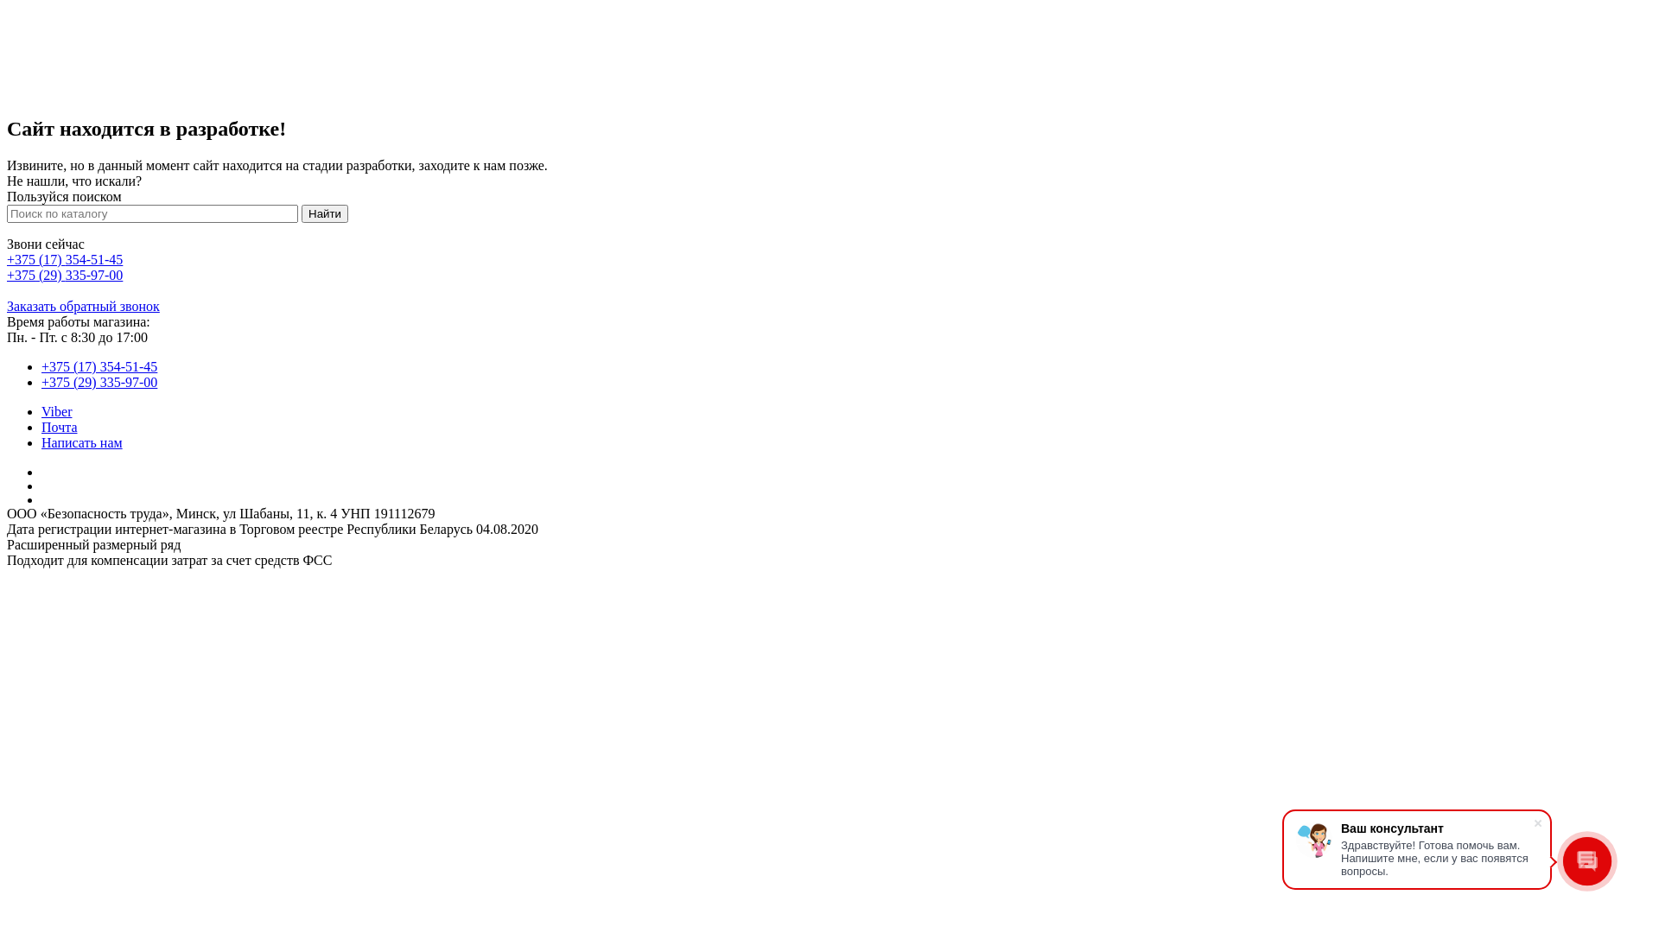 The image size is (1659, 933). I want to click on '+375 (17) 354-51-45', so click(65, 259).